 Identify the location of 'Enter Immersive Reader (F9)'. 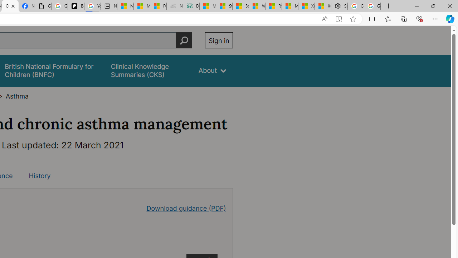
(338, 19).